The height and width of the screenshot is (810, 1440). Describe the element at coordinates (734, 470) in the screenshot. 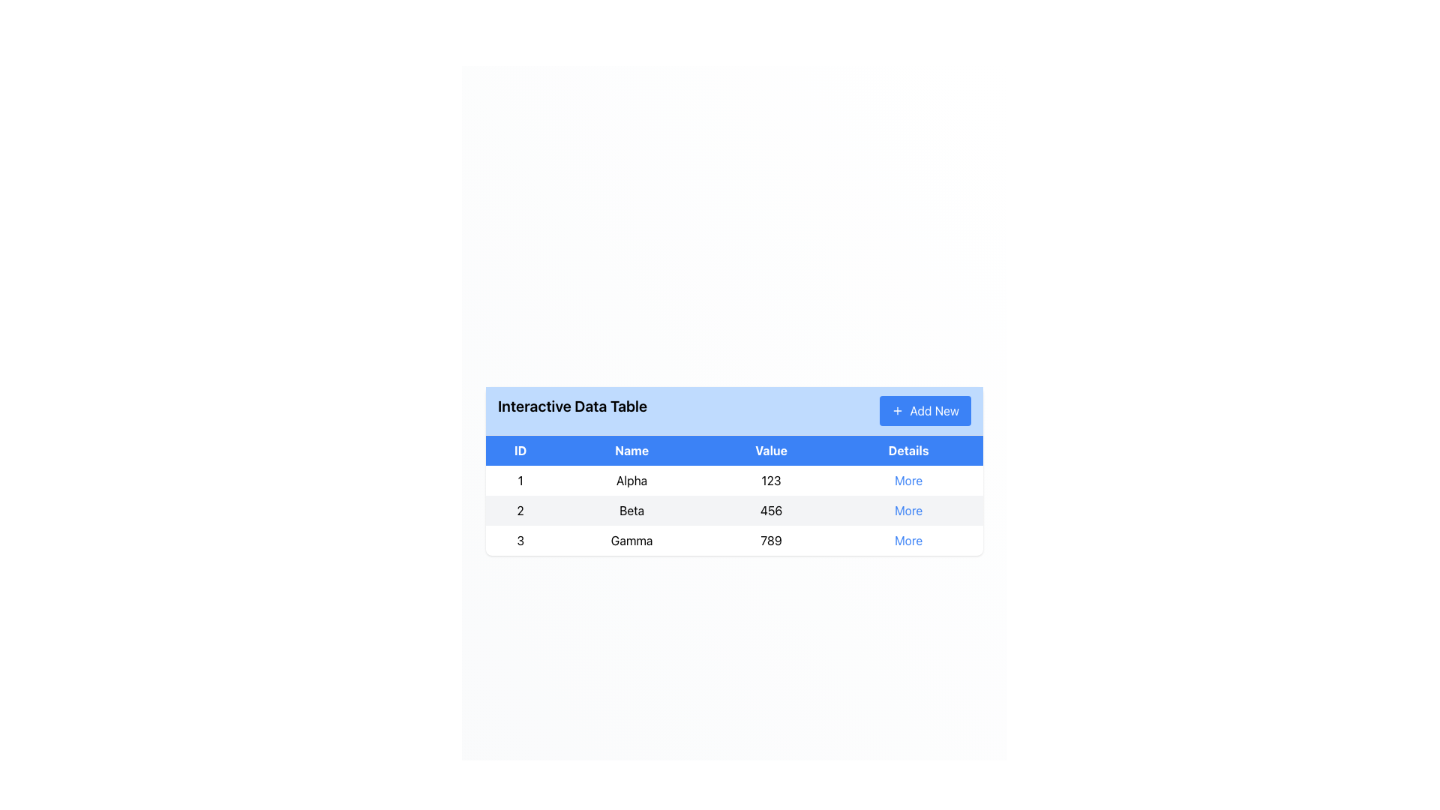

I see `the interactive data table located at the center of the visible interface` at that location.